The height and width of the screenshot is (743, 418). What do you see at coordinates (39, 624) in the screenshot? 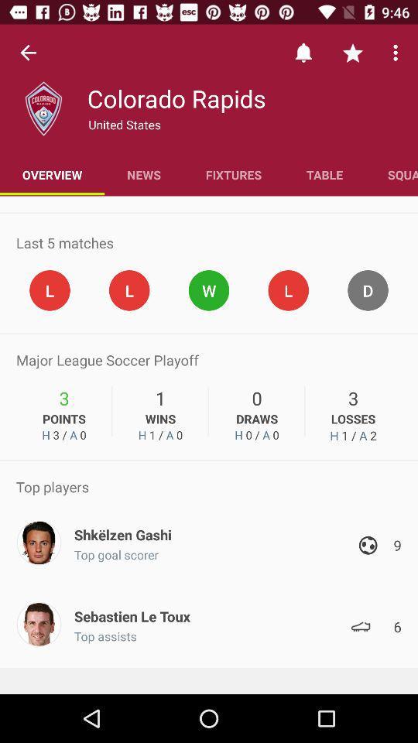
I see `the image on the bottom left corner of the web page` at bounding box center [39, 624].